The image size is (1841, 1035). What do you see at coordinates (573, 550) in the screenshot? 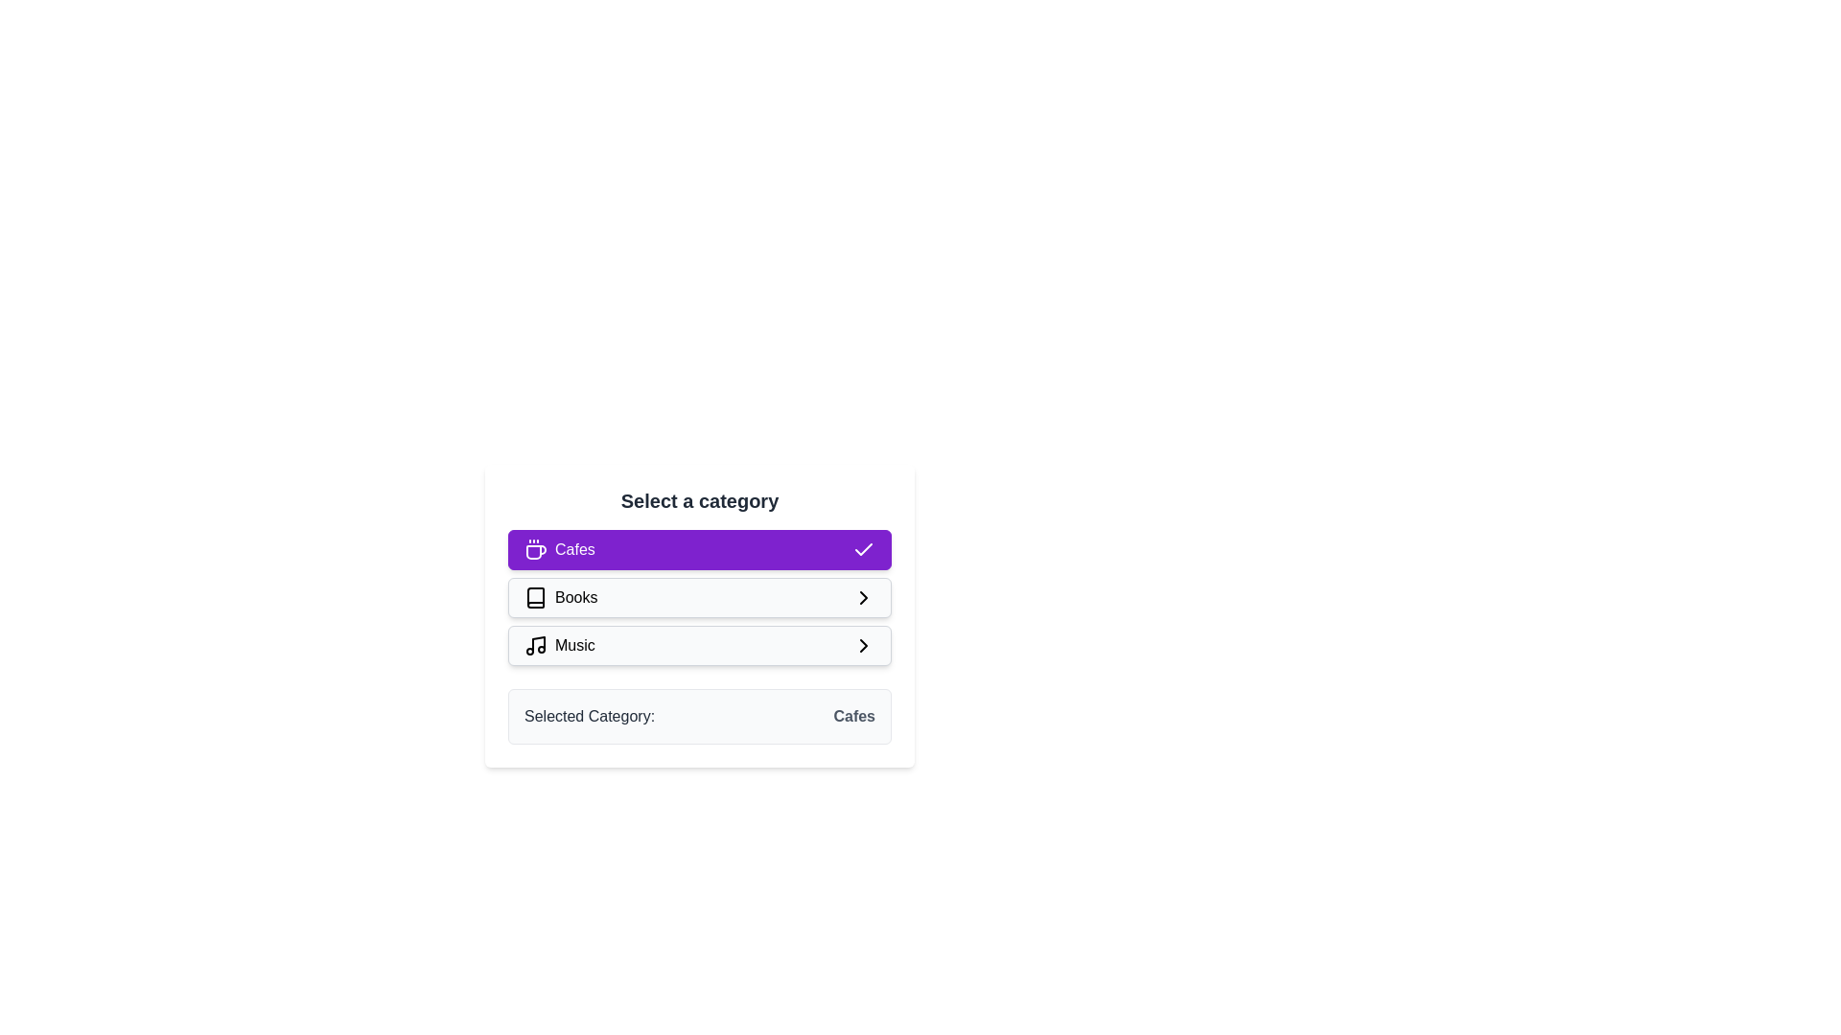
I see `the 'Cafes' button-like text element, which is the first item in the category selection list, displaying a white sans-serif font on a purple background` at bounding box center [573, 550].